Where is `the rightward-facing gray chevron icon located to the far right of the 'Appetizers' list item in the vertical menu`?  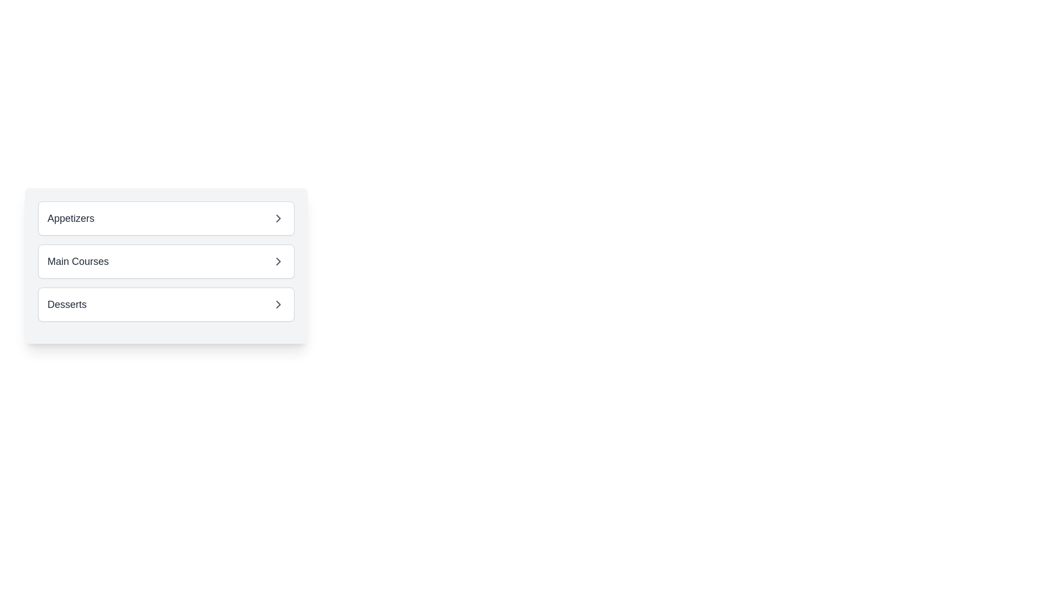 the rightward-facing gray chevron icon located to the far right of the 'Appetizers' list item in the vertical menu is located at coordinates (279, 219).